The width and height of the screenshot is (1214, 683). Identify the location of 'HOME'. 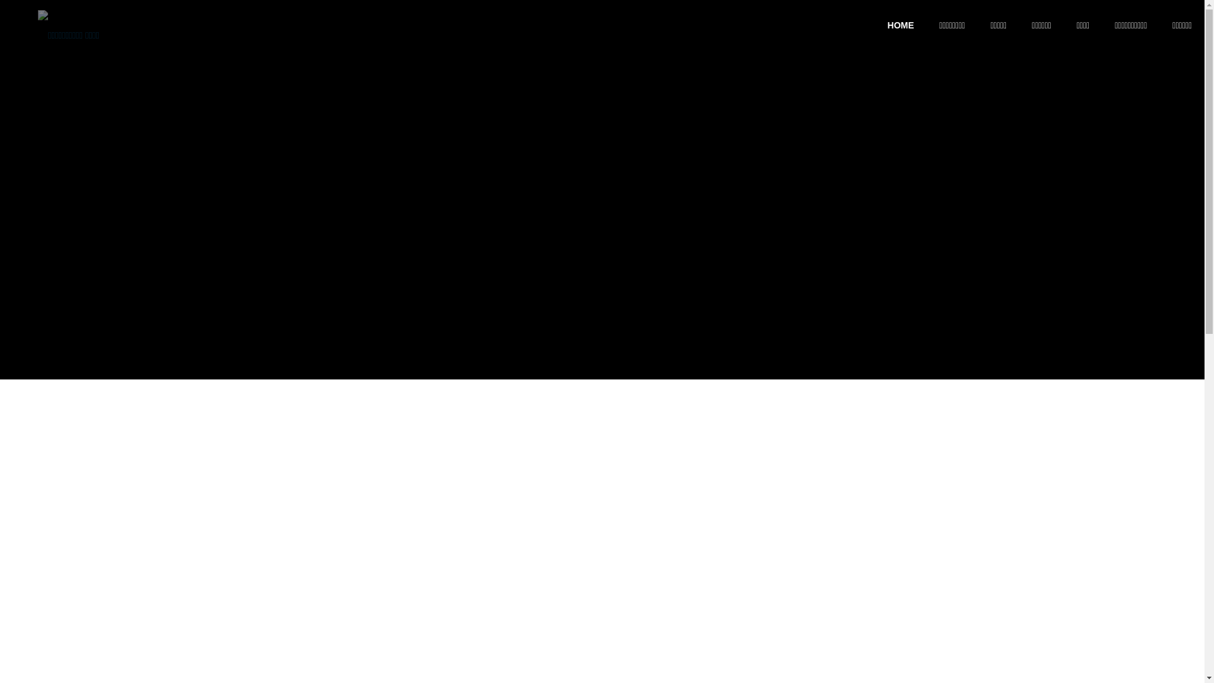
(900, 25).